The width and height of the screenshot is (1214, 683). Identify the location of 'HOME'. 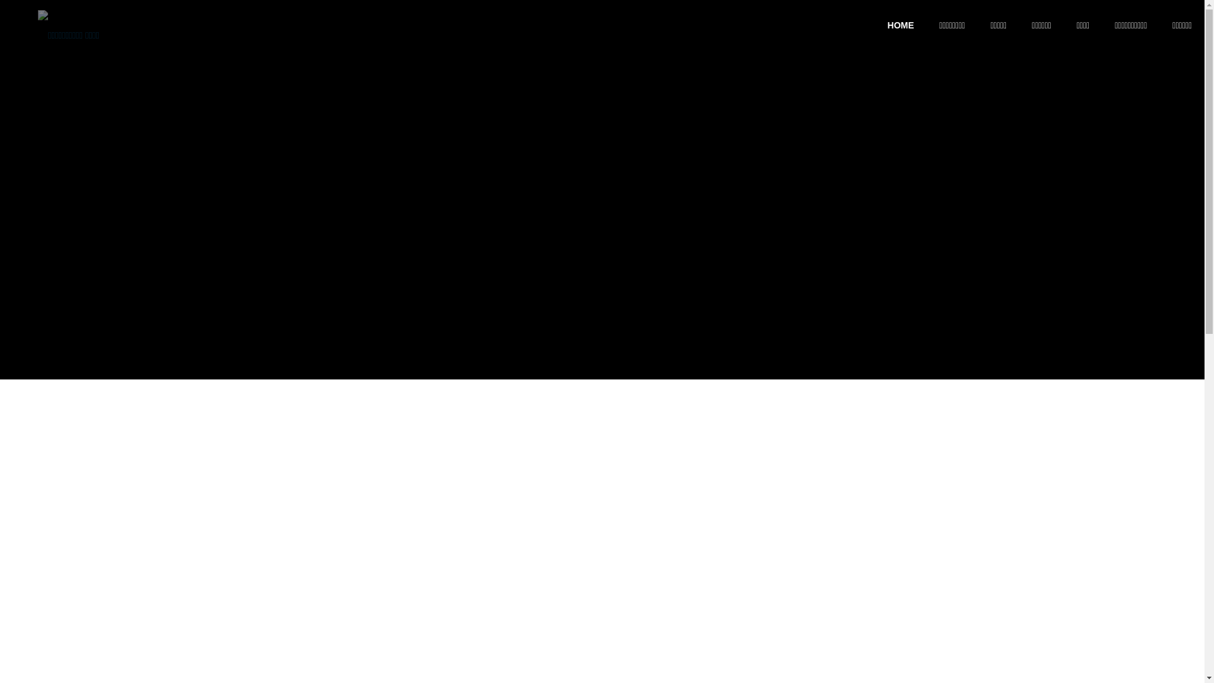
(900, 25).